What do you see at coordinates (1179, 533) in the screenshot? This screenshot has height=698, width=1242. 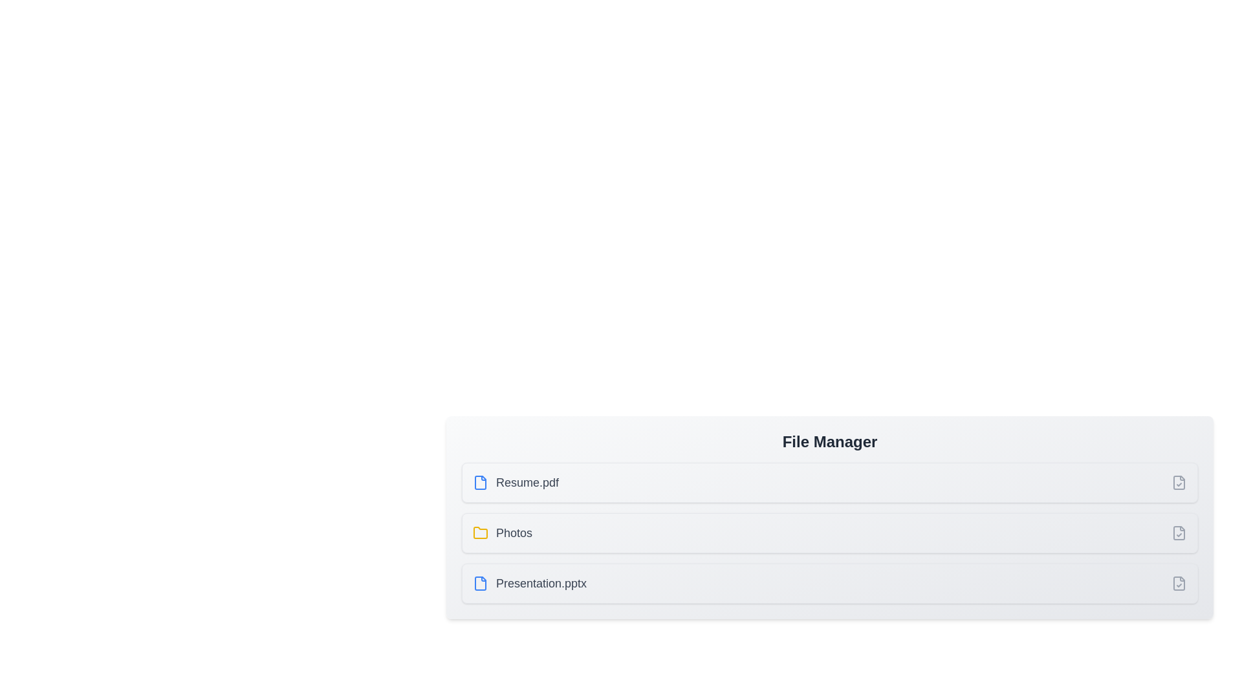 I see `the item corresponding to Photos by clicking its checkbox` at bounding box center [1179, 533].